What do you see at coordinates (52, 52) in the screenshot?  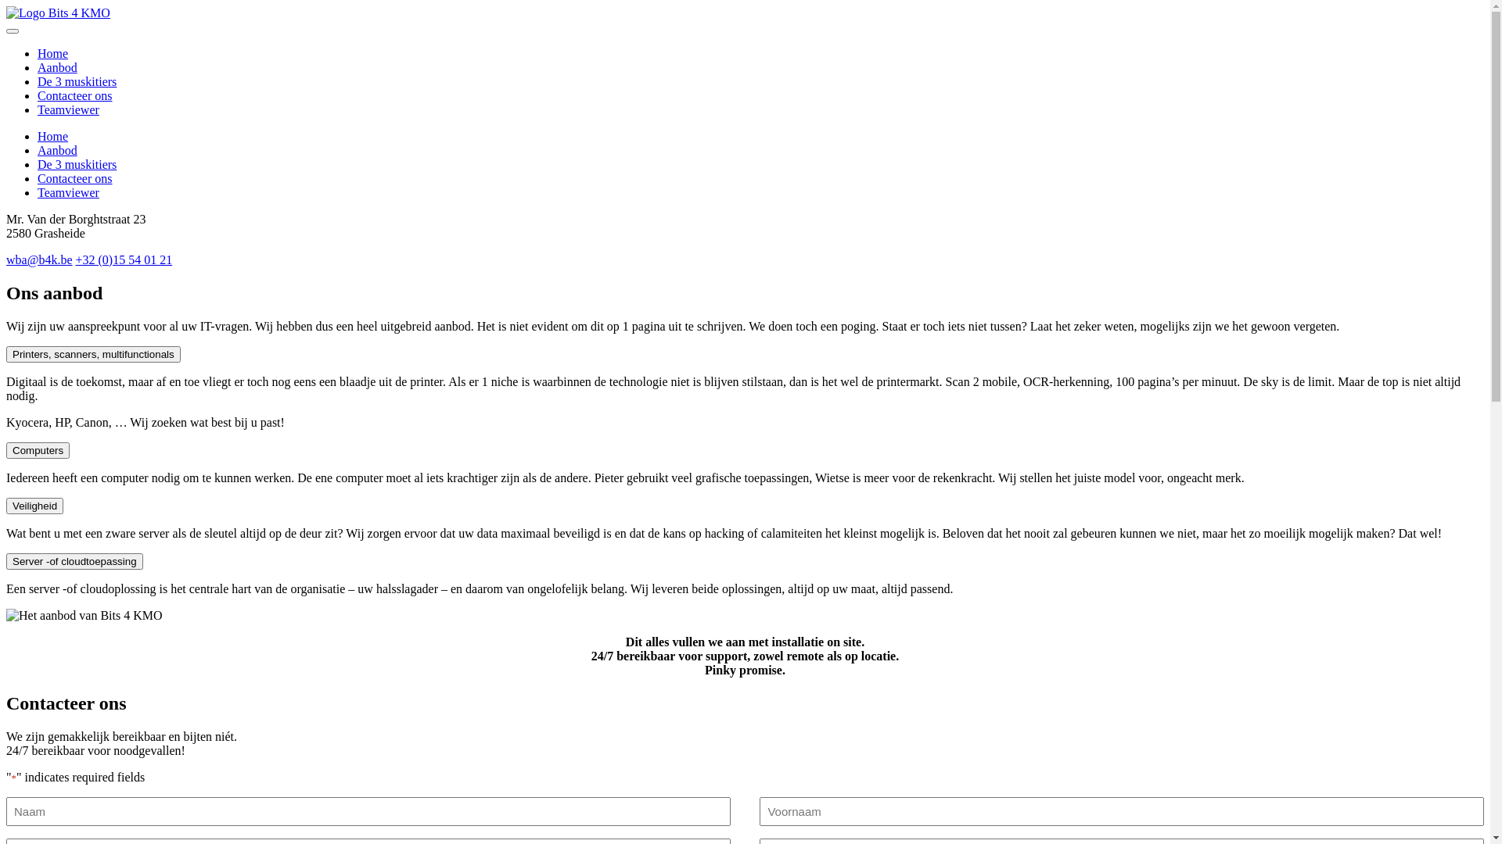 I see `'Home'` at bounding box center [52, 52].